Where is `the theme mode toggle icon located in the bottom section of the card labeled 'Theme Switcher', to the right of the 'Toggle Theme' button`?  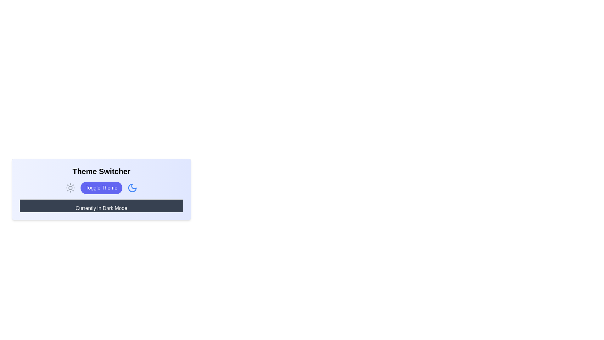 the theme mode toggle icon located in the bottom section of the card labeled 'Theme Switcher', to the right of the 'Toggle Theme' button is located at coordinates (132, 188).